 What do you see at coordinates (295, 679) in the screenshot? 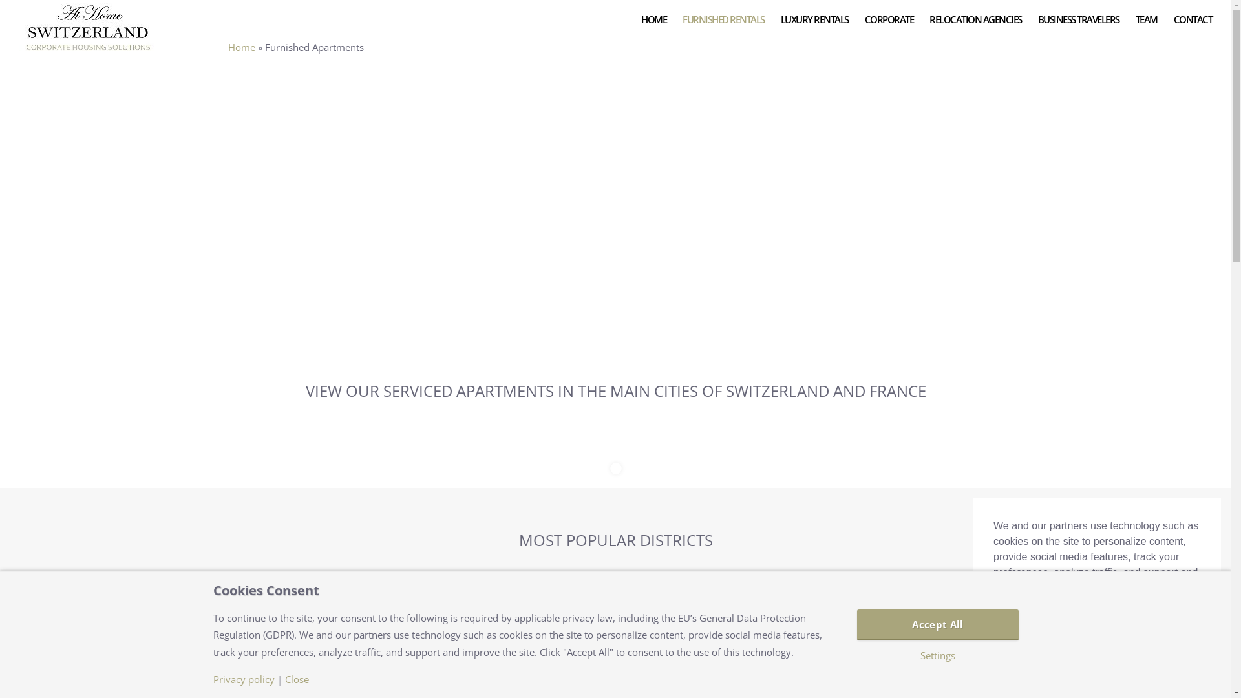
I see `'Close'` at bounding box center [295, 679].